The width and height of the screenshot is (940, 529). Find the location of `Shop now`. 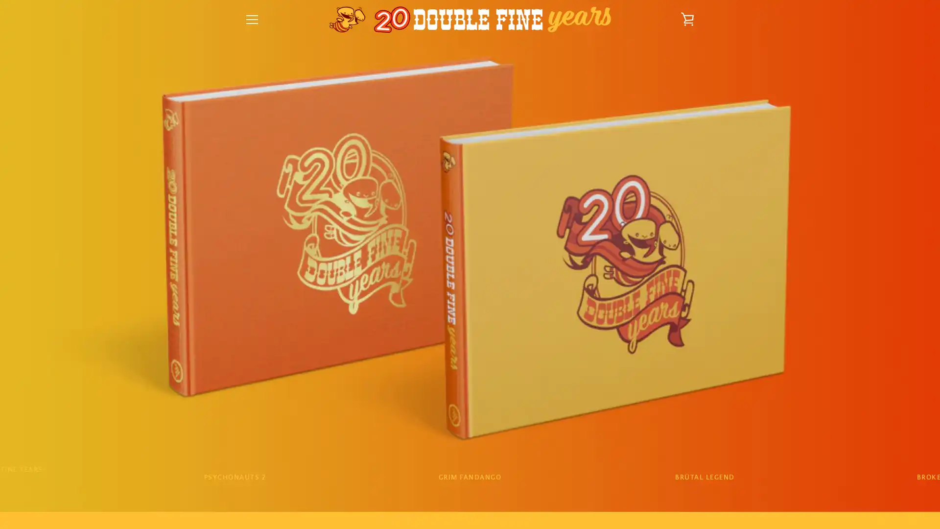

Shop now is located at coordinates (470, 313).